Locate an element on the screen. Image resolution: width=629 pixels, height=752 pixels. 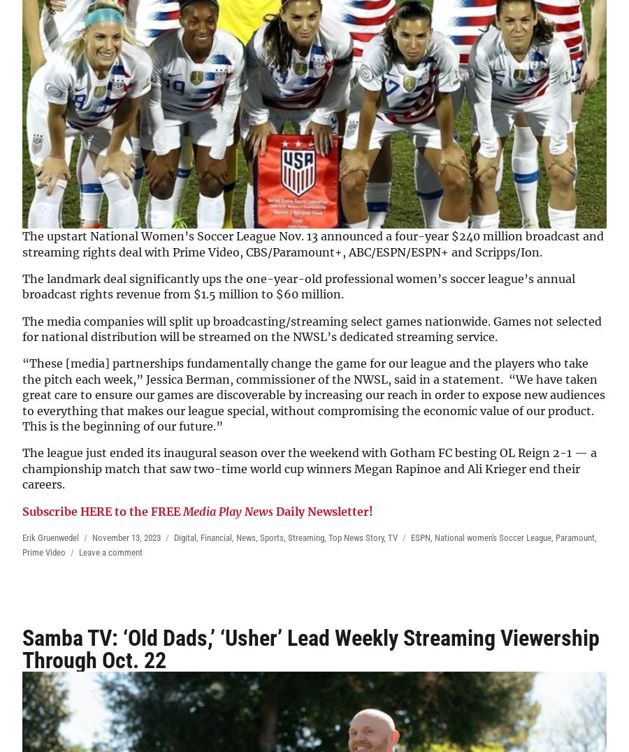
'ESPN' is located at coordinates (421, 537).